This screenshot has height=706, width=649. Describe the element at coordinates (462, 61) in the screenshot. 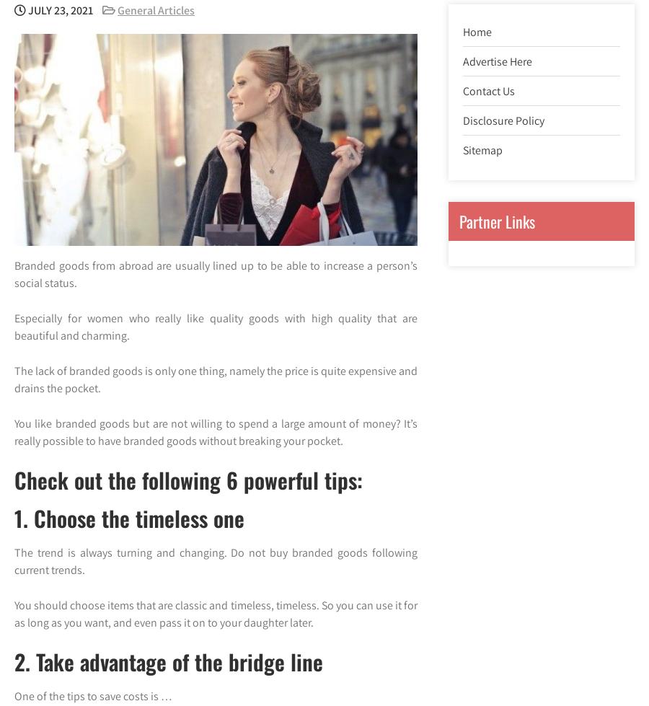

I see `'Advertise Here'` at that location.